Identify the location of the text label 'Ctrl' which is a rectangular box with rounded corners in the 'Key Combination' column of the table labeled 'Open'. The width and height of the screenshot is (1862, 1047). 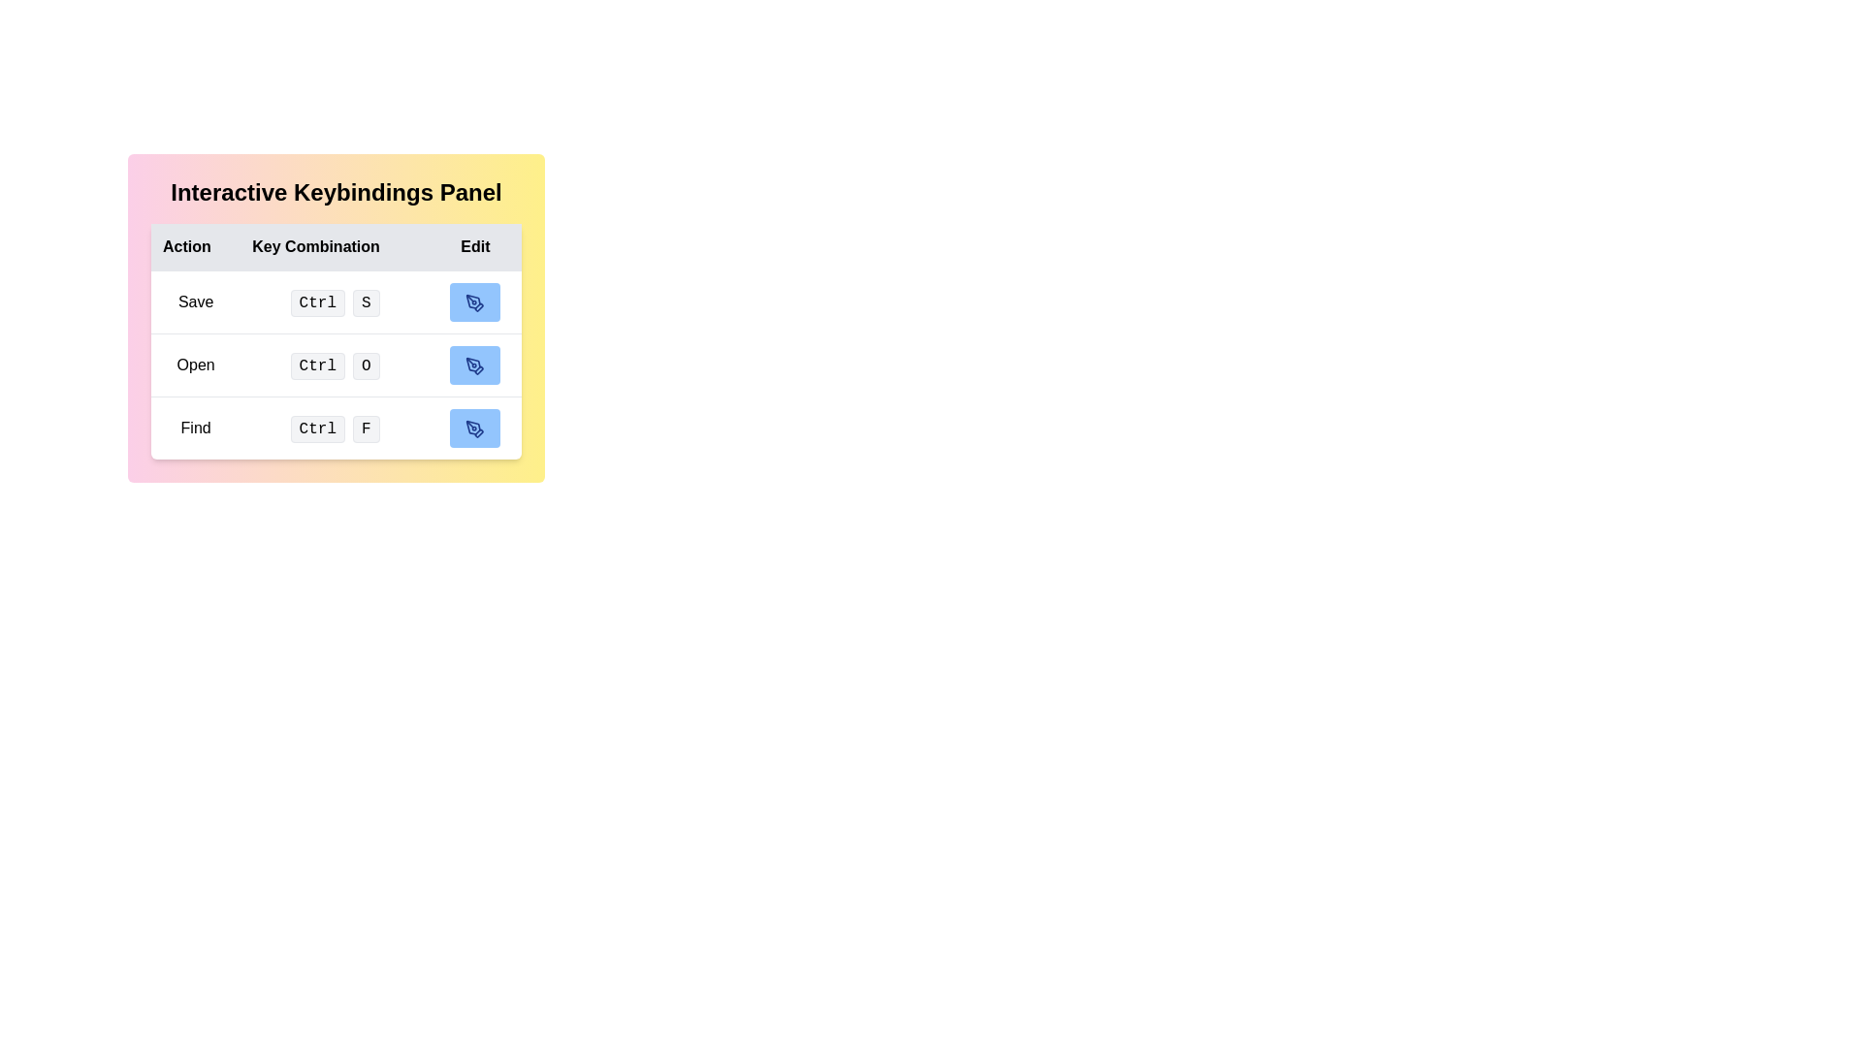
(317, 365).